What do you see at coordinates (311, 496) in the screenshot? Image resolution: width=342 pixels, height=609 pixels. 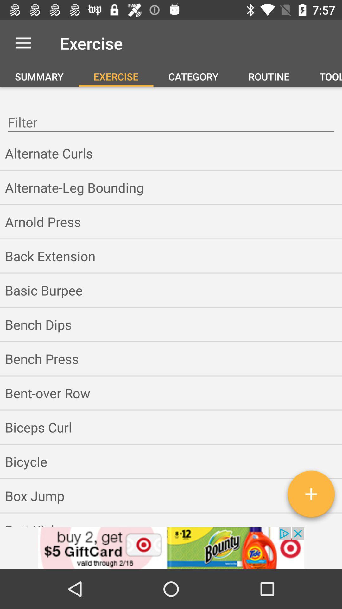 I see `an exercise` at bounding box center [311, 496].